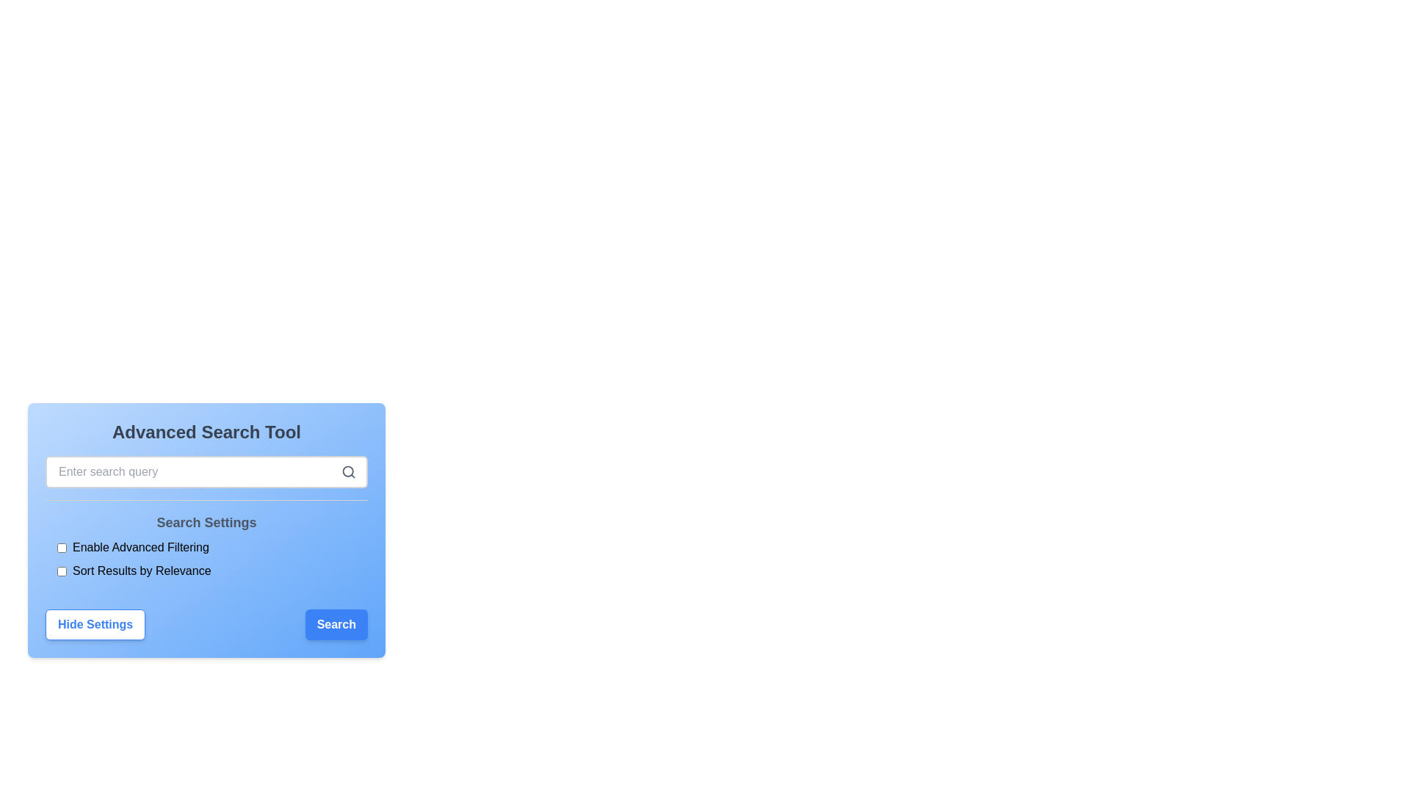 Image resolution: width=1410 pixels, height=793 pixels. Describe the element at coordinates (206, 543) in the screenshot. I see `the checkboxes in the advanced search component to check or uncheck them for filtering options` at that location.